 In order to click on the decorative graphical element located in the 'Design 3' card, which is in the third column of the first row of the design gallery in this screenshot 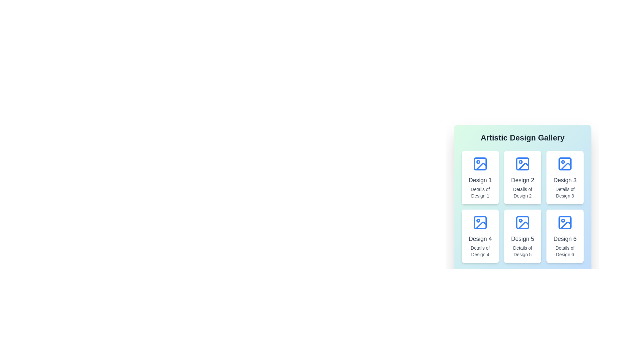, I will do `click(564, 163)`.